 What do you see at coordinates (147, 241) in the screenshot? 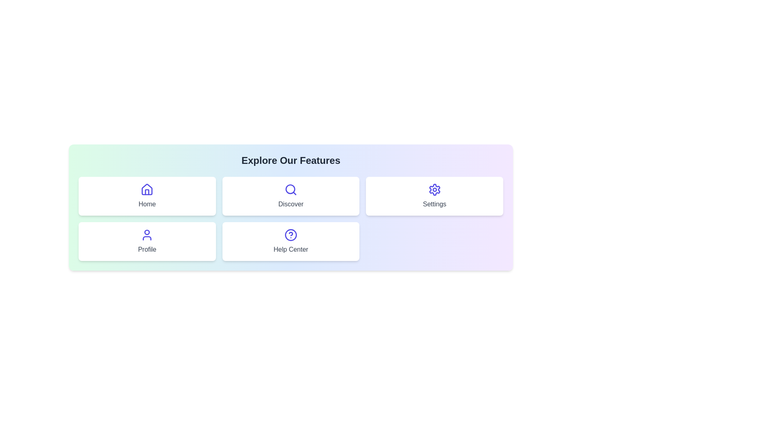
I see `the rectangular 'Profile' button with a white background, rounded corners, and an indigo user icon` at bounding box center [147, 241].